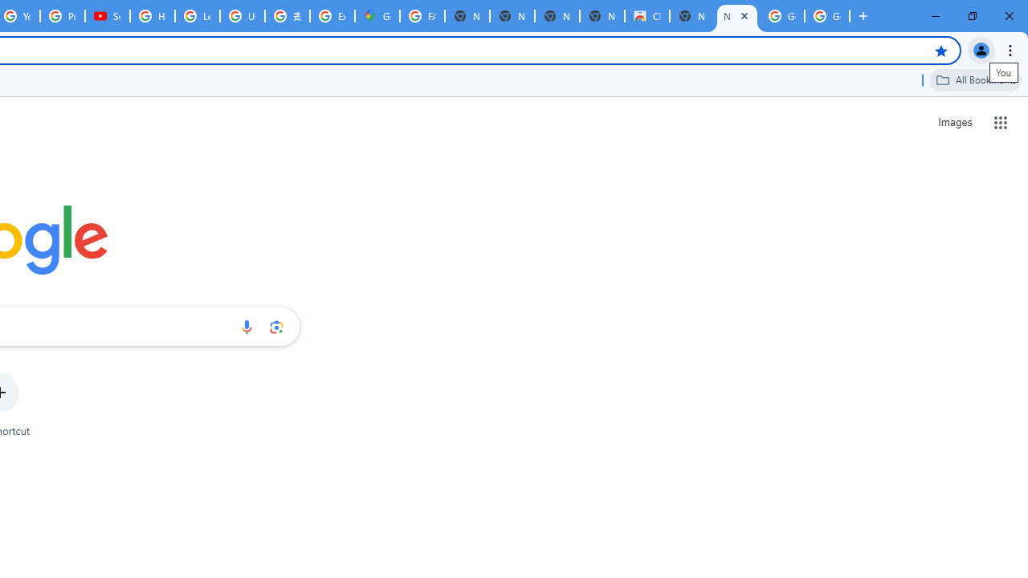 This screenshot has width=1028, height=578. I want to click on 'Google Images', so click(827, 16).